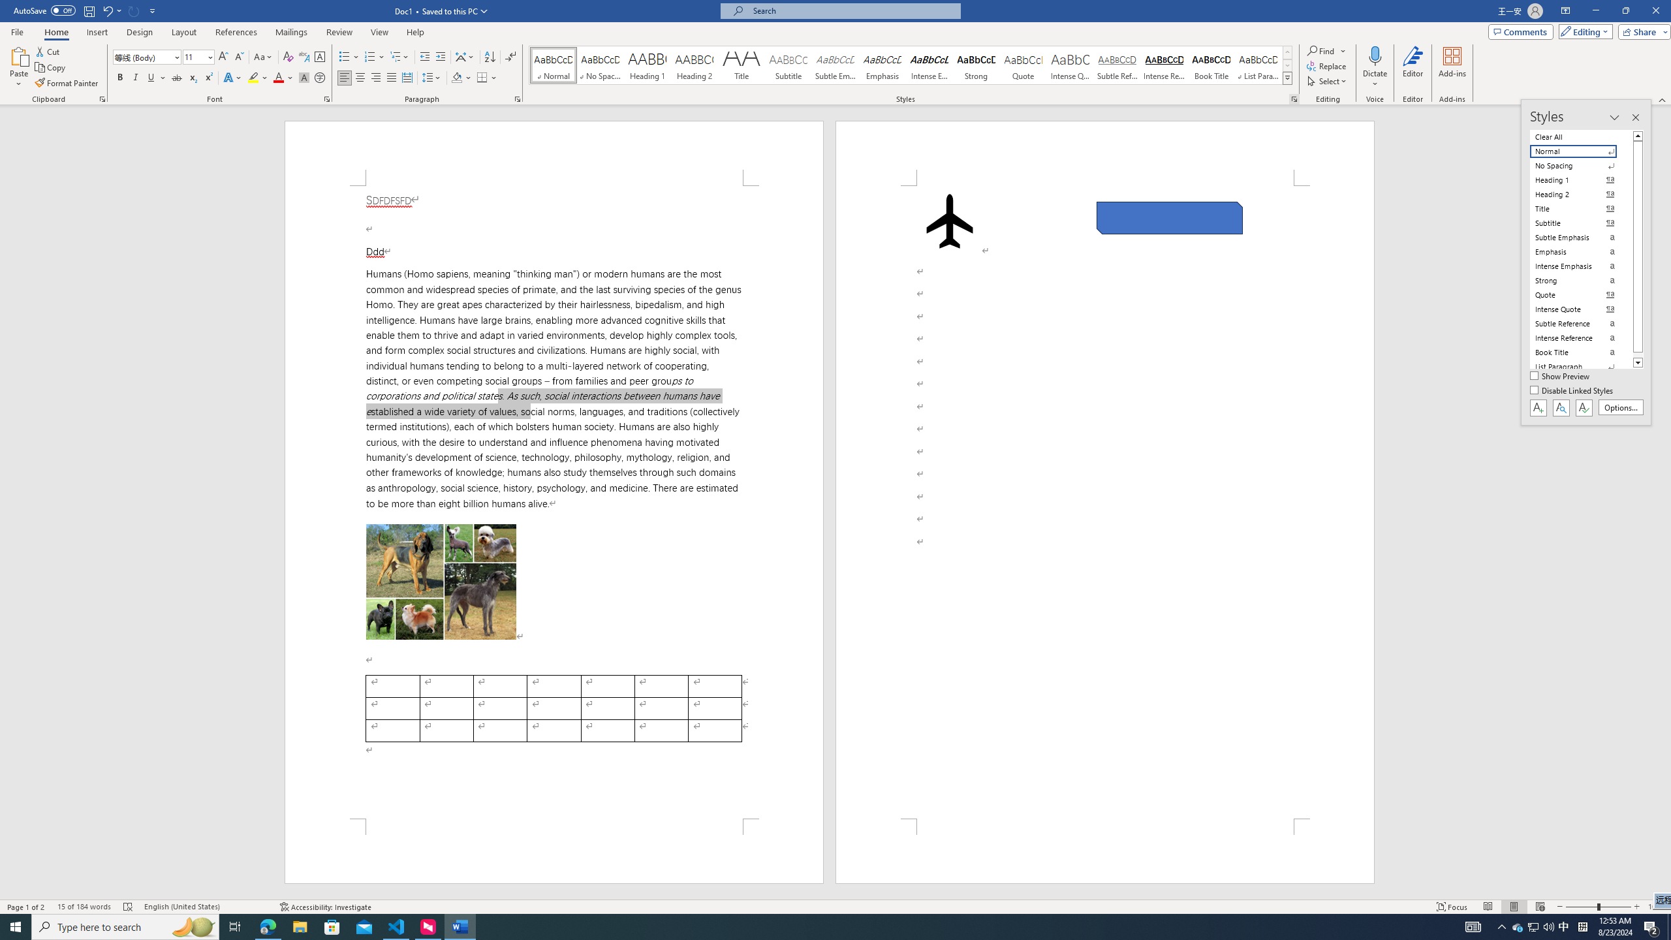 The height and width of the screenshot is (940, 1671). What do you see at coordinates (1327, 65) in the screenshot?
I see `'Replace...'` at bounding box center [1327, 65].